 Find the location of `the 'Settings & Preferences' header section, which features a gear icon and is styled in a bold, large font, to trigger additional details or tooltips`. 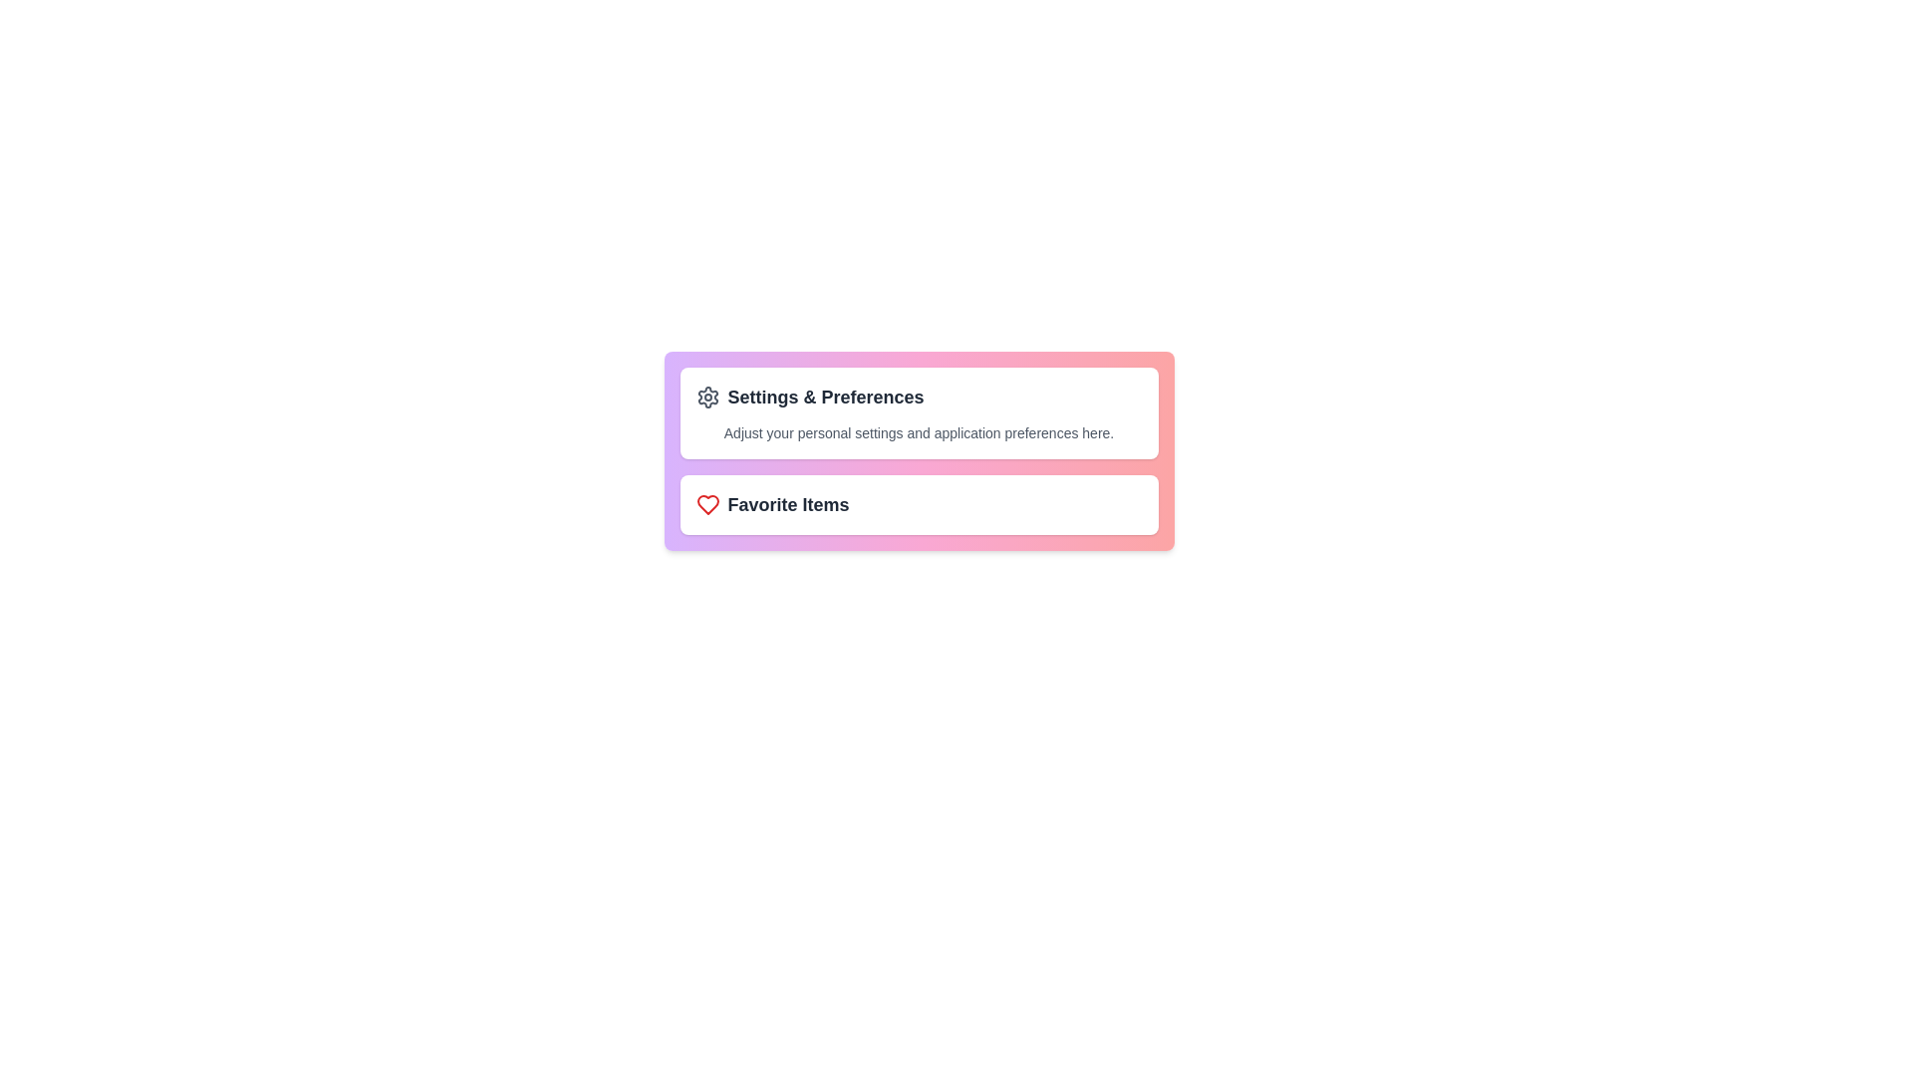

the 'Settings & Preferences' header section, which features a gear icon and is styled in a bold, large font, to trigger additional details or tooltips is located at coordinates (918, 397).